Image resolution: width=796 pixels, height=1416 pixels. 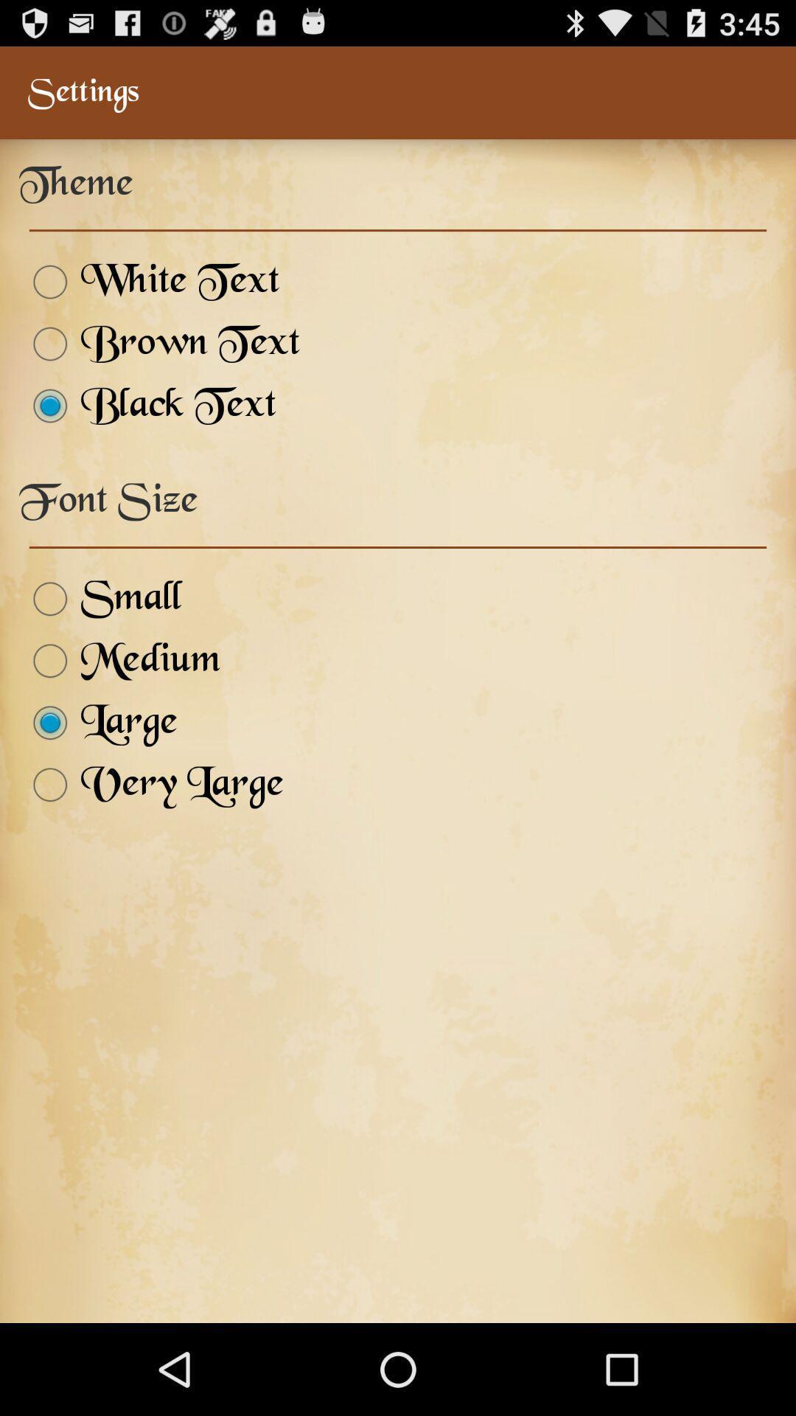 What do you see at coordinates (159, 343) in the screenshot?
I see `icon above black text item` at bounding box center [159, 343].